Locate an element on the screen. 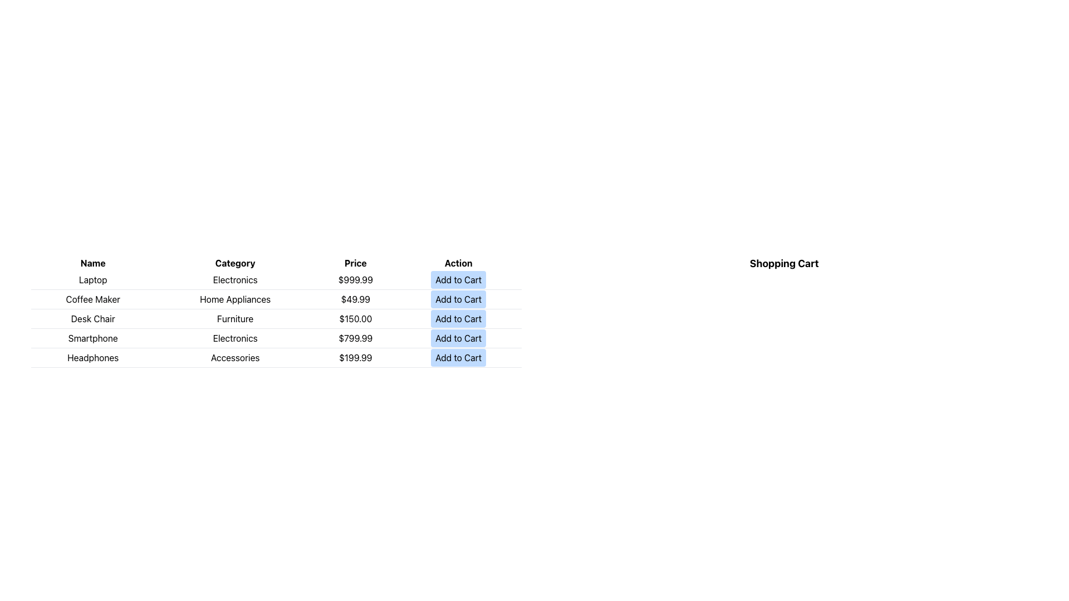 Image resolution: width=1069 pixels, height=601 pixels. the price text of the 'Coffee Maker' product located in the second row of the product details table, under the 'Price' header, adjacent to 'Home Appliances' and the 'Add to Cart' button is located at coordinates (355, 298).